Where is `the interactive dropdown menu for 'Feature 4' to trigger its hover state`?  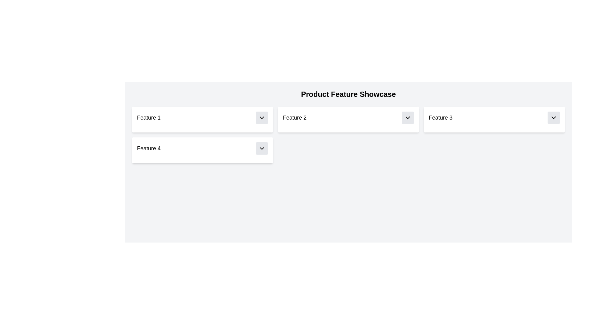 the interactive dropdown menu for 'Feature 4' to trigger its hover state is located at coordinates (202, 148).